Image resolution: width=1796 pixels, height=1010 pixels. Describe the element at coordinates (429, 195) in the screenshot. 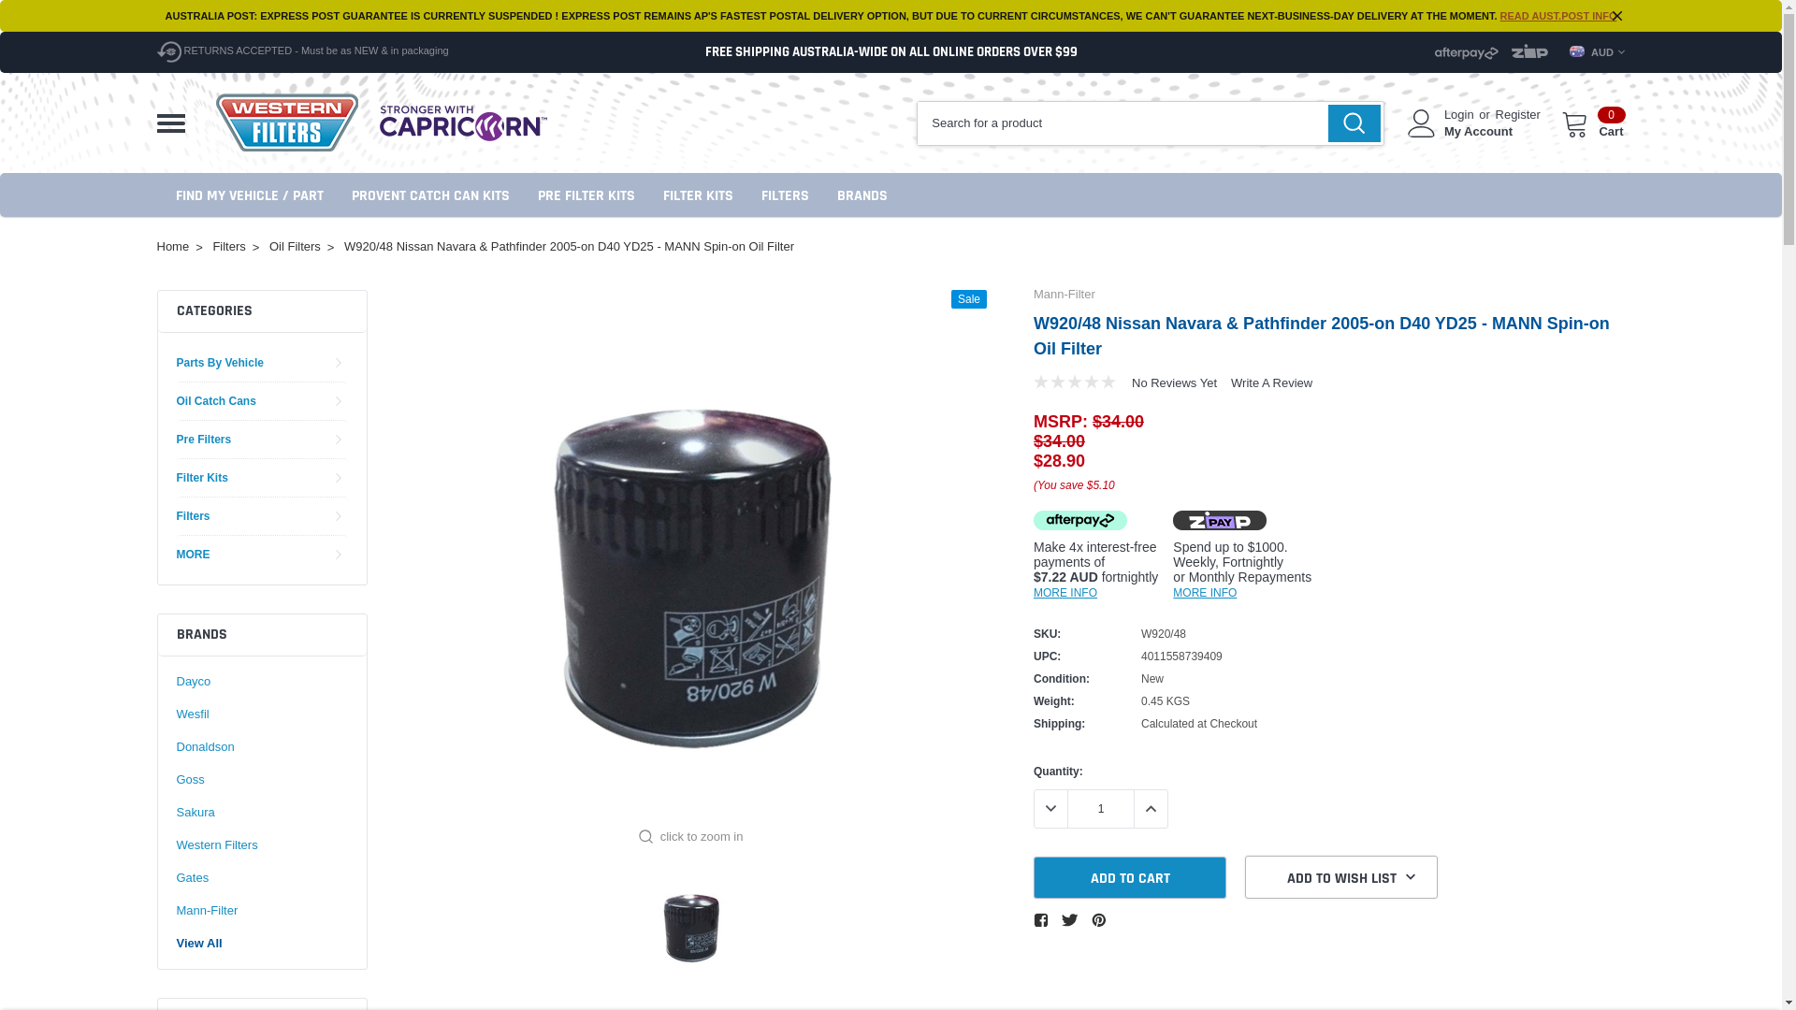

I see `'PROVENT CATCH CAN KITS'` at that location.